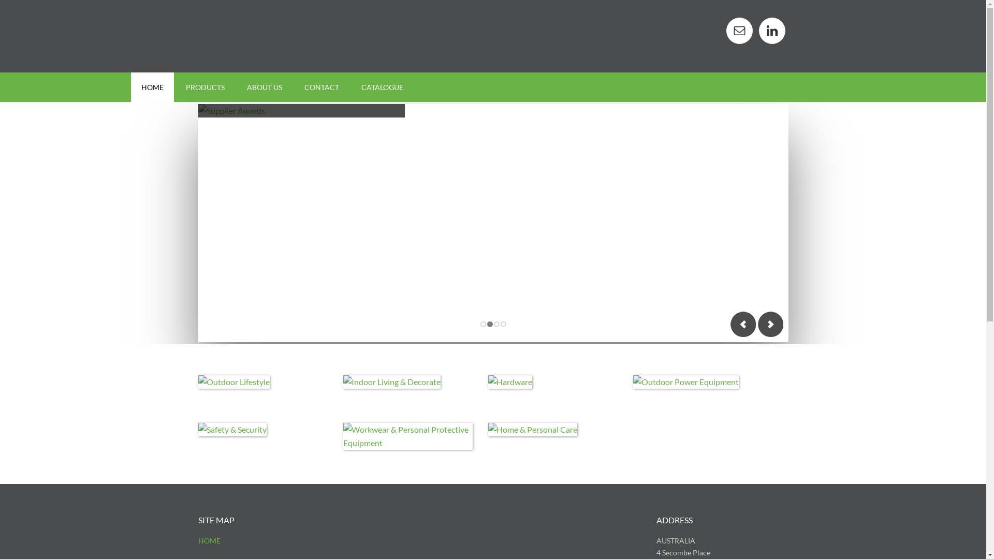  I want to click on 'Next', so click(770, 323).